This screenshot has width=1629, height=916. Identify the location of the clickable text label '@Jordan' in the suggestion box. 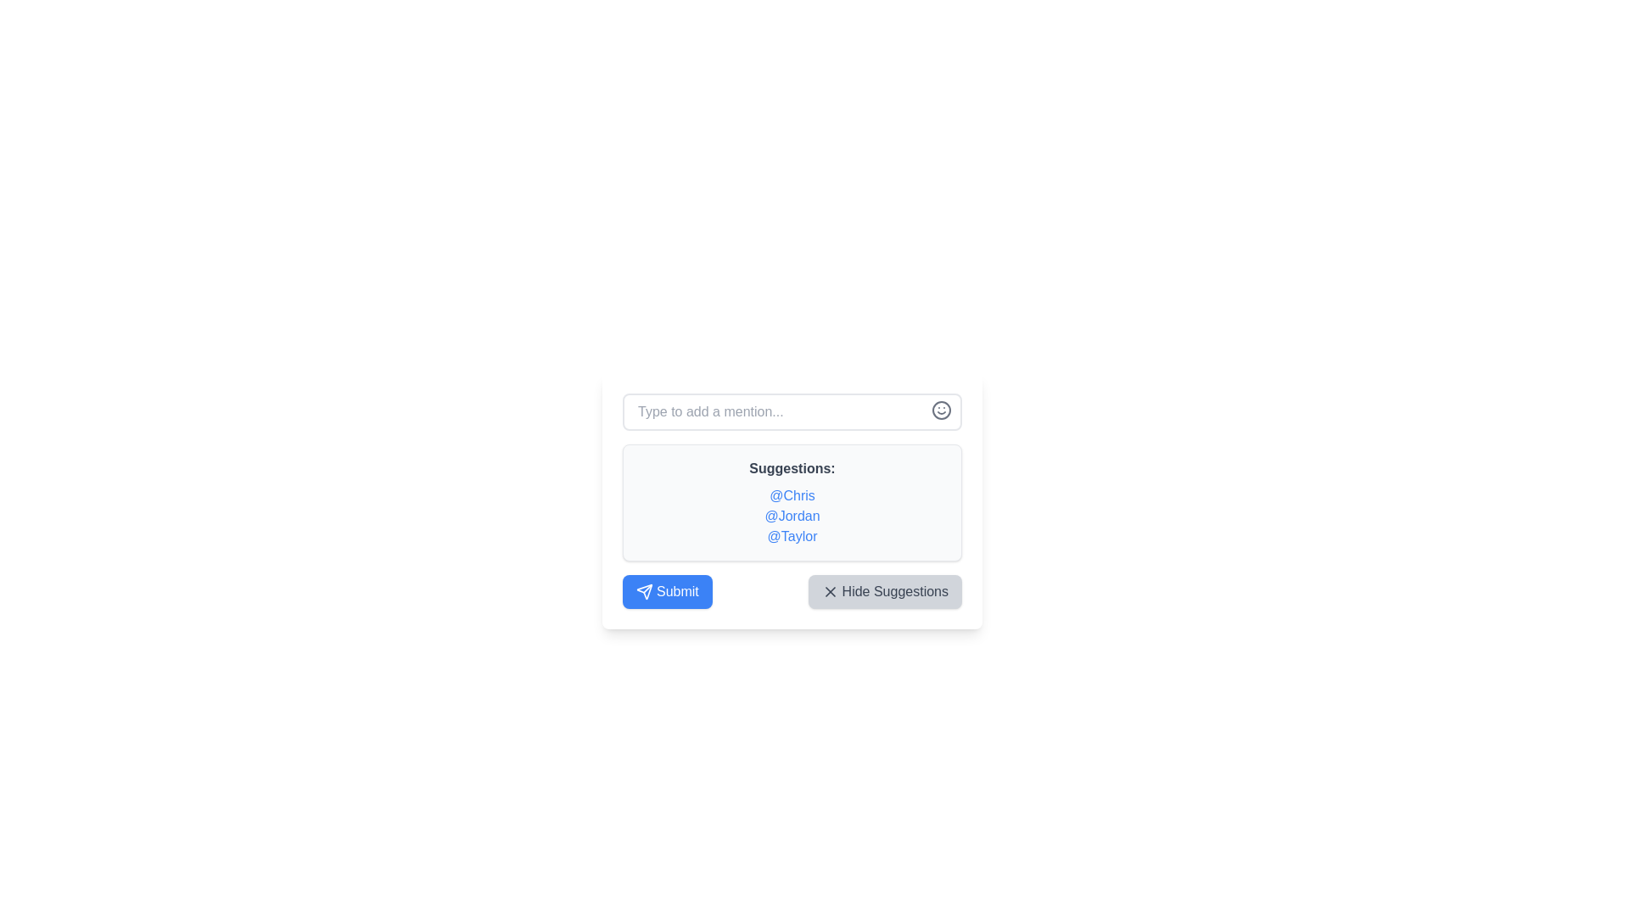
(792, 516).